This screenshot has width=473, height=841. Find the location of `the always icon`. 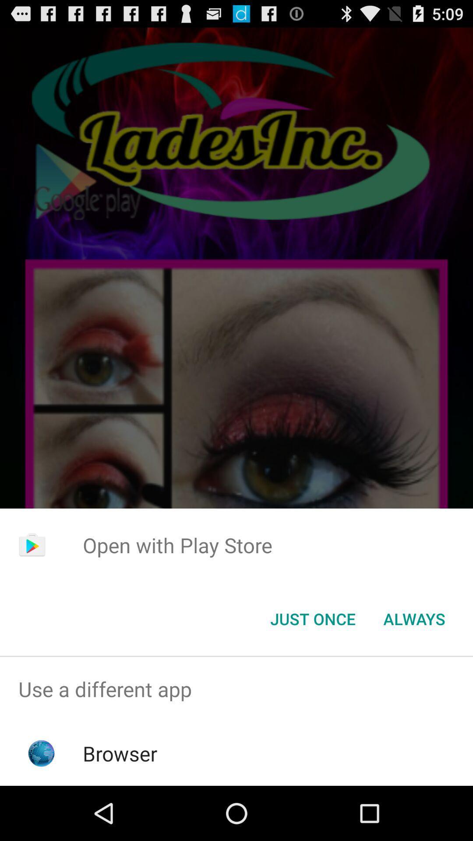

the always icon is located at coordinates (414, 618).